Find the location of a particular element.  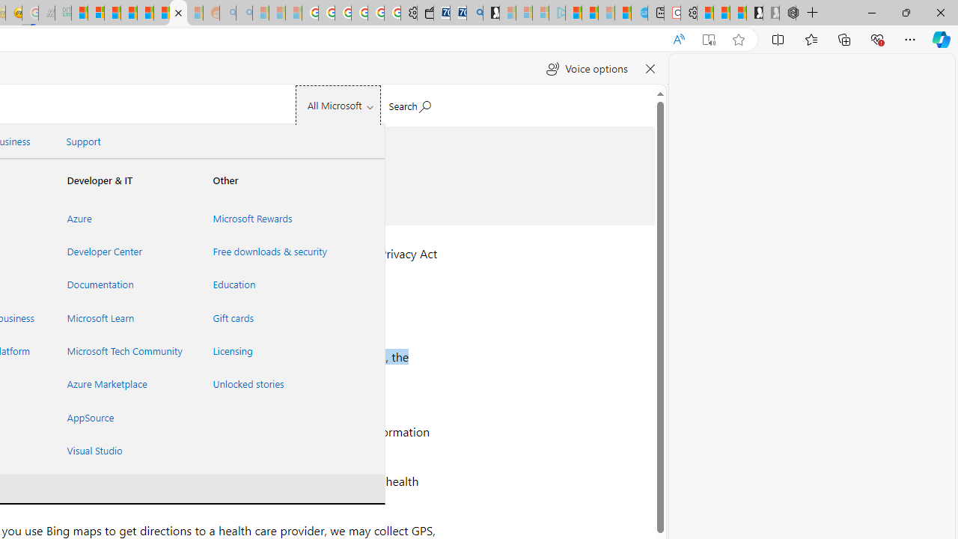

'Microsoft Start Gaming' is located at coordinates (491, 13).